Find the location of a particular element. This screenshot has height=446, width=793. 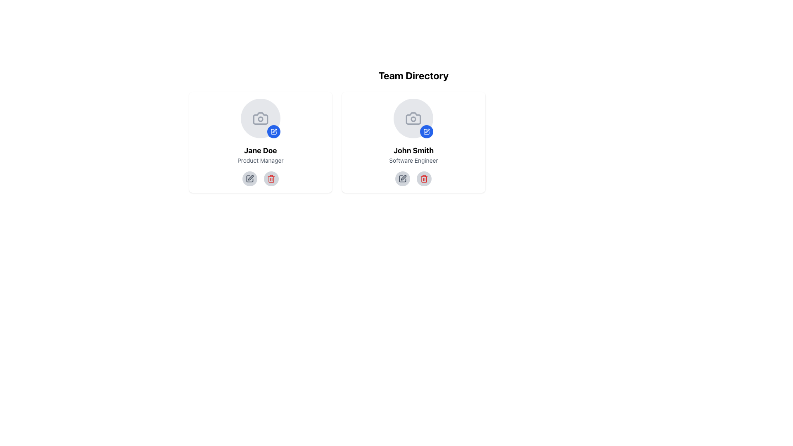

the visual representation of the camera icon located centrally within the circular profile image space of the second user profile card under the text 'John Smith' in the 'Team Directory' is located at coordinates (413, 118).